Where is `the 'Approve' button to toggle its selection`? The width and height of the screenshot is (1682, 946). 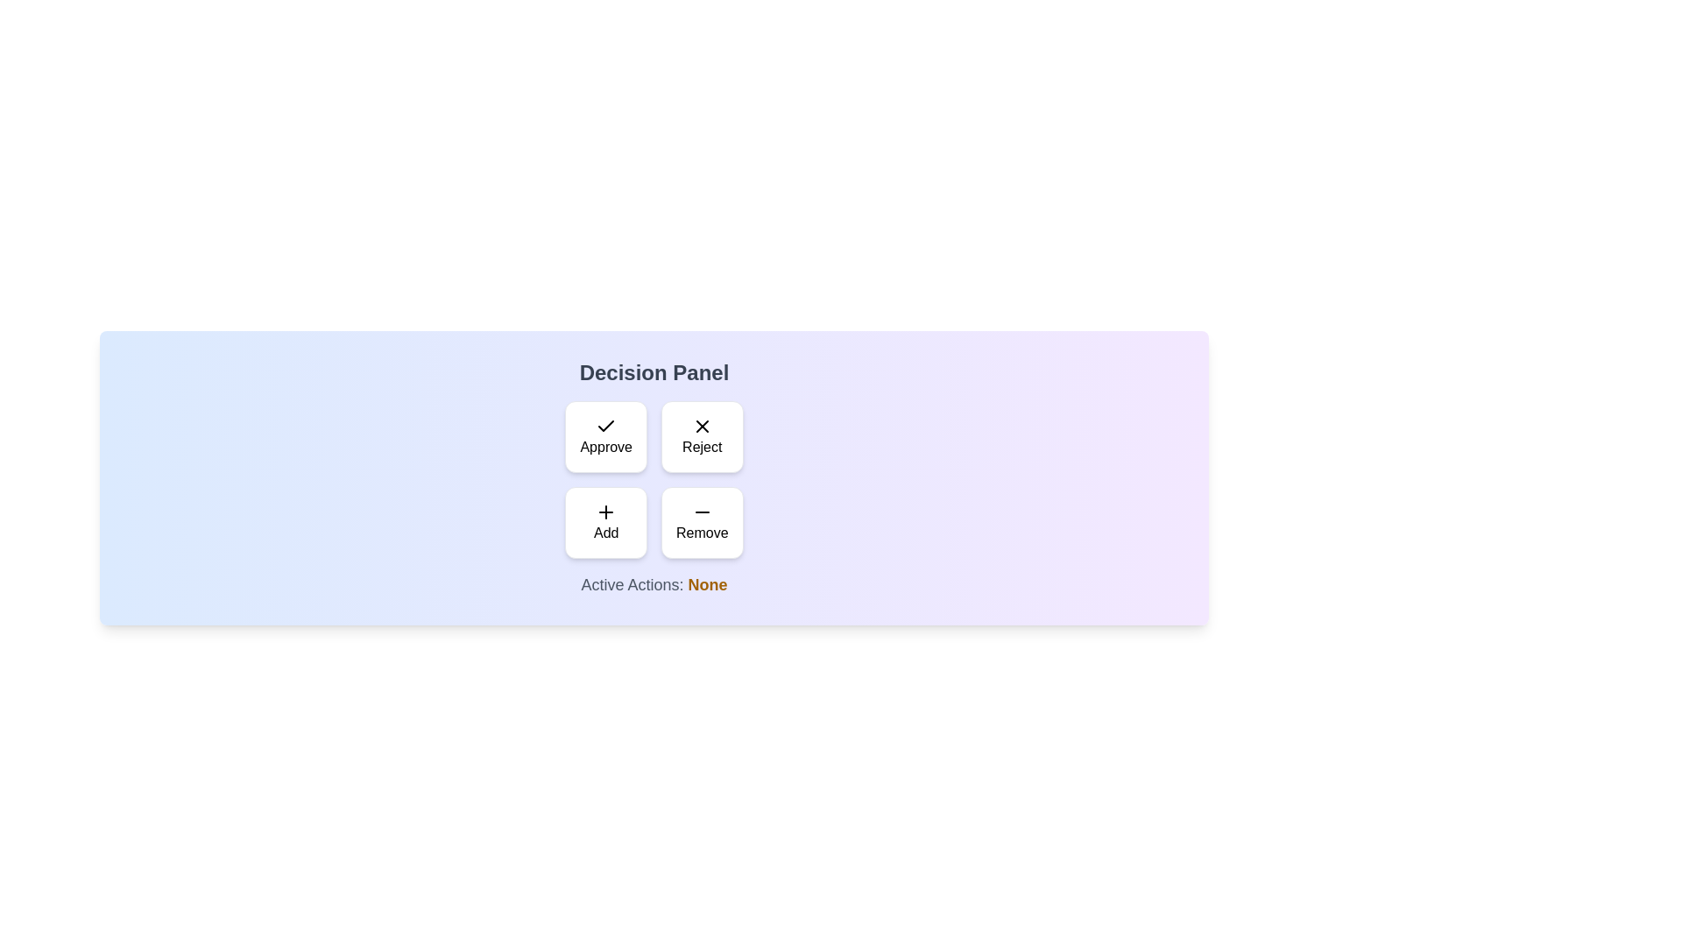 the 'Approve' button to toggle its selection is located at coordinates (605, 435).